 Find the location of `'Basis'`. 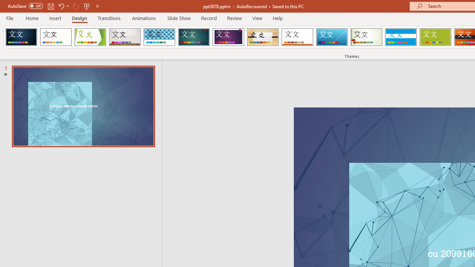

'Basis' is located at coordinates (435, 37).